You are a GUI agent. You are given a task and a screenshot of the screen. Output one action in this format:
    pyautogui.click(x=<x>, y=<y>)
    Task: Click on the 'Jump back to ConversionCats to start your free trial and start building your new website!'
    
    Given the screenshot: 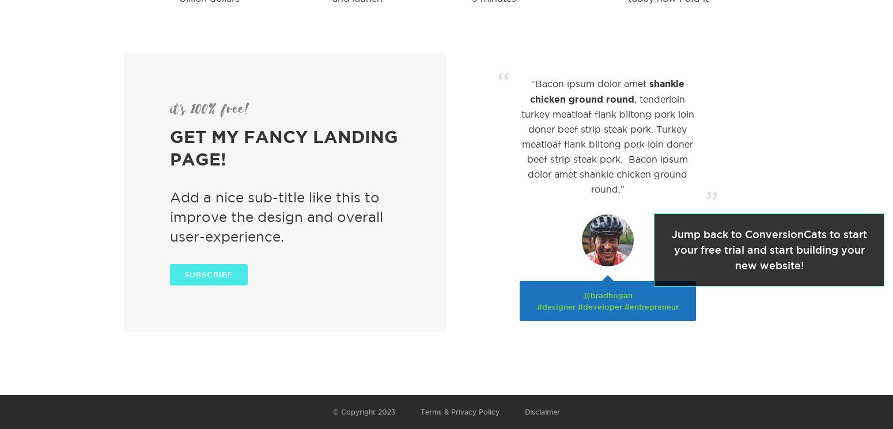 What is the action you would take?
    pyautogui.click(x=769, y=249)
    